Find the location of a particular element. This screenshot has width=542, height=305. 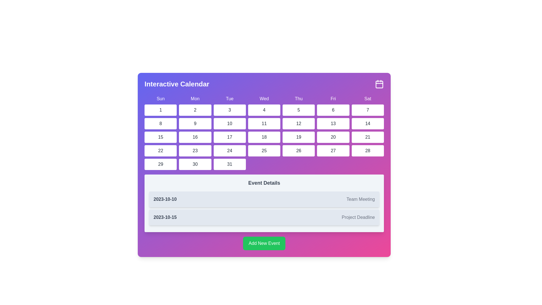

the selectable day button in the interactive calendar interface is located at coordinates (264, 123).